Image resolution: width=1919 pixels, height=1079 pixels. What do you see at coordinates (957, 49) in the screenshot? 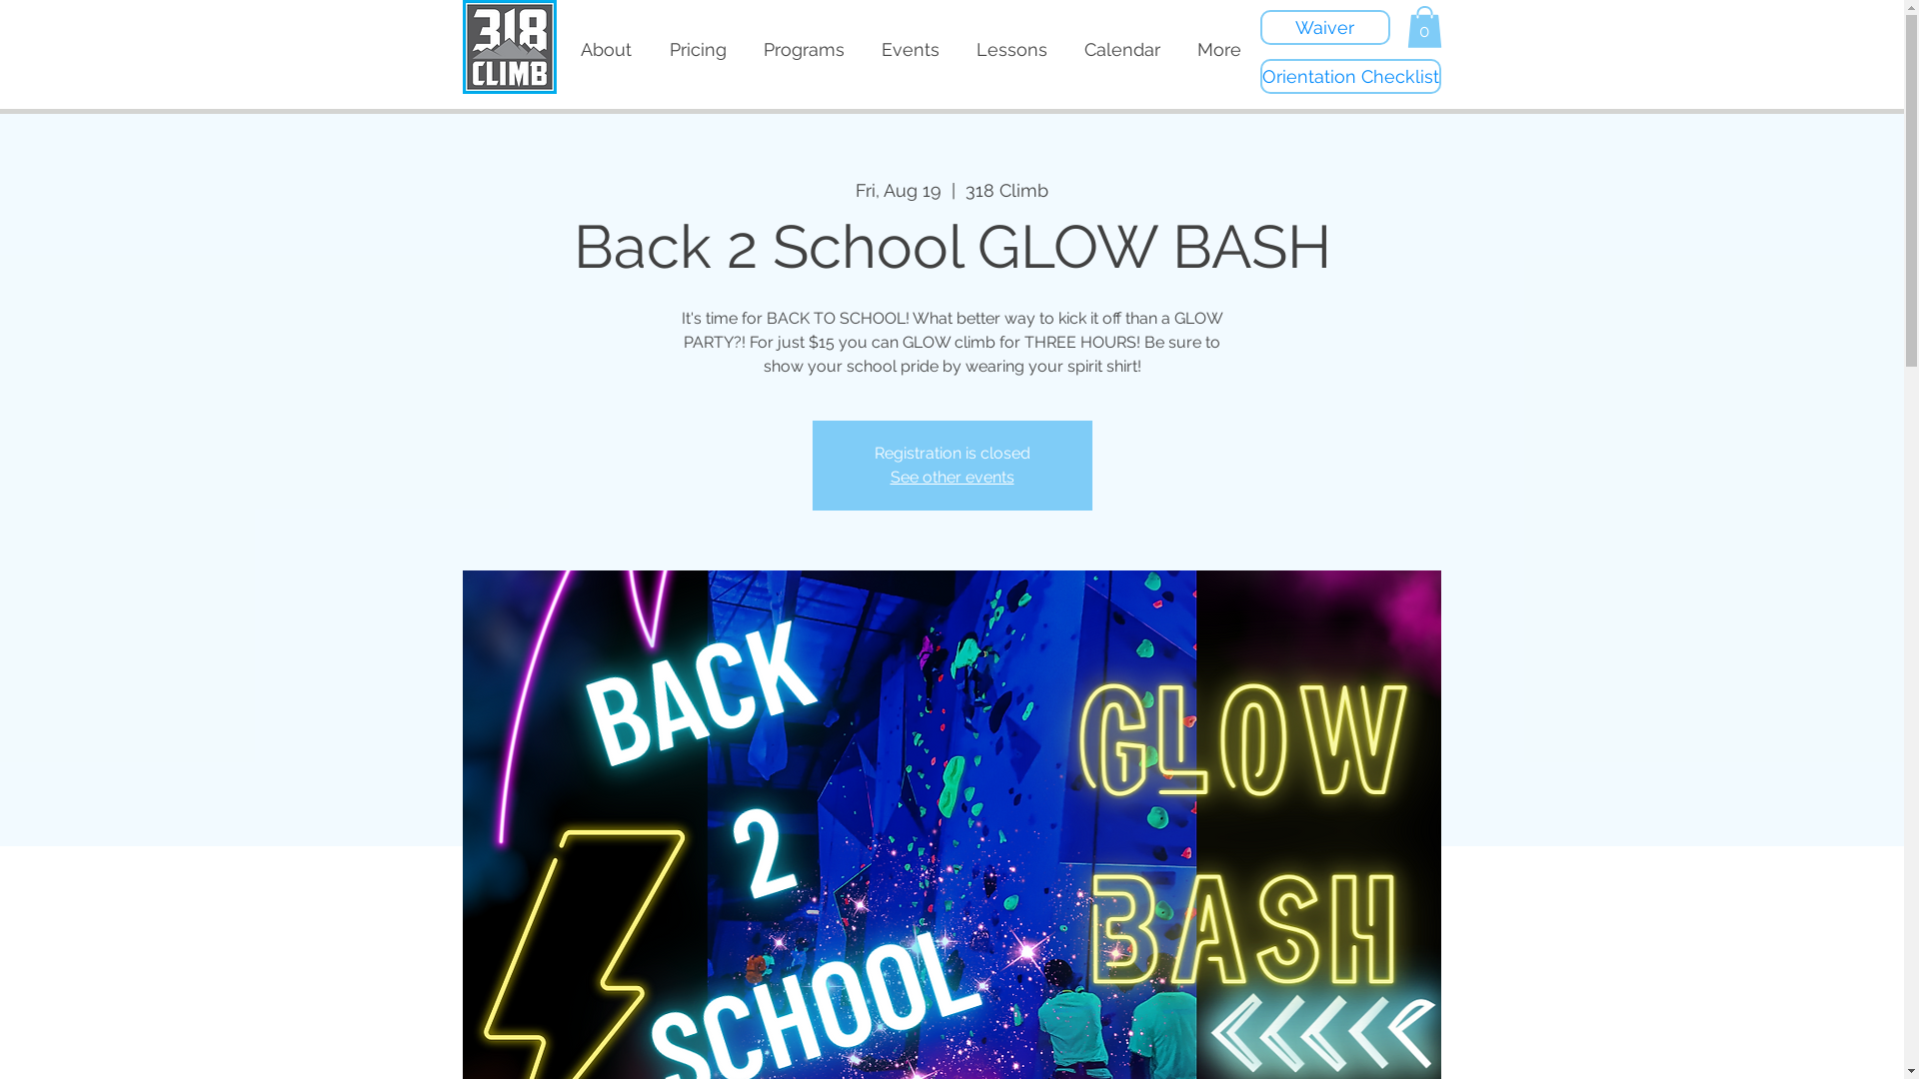
I see `'Lessons'` at bounding box center [957, 49].